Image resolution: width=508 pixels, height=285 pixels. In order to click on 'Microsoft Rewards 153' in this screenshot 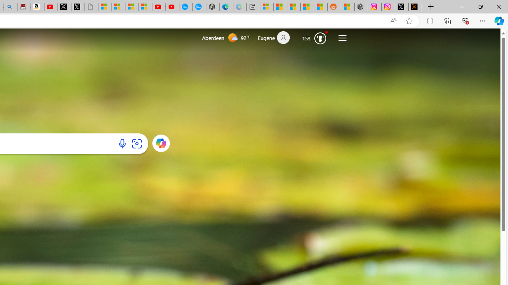, I will do `click(314, 38)`.